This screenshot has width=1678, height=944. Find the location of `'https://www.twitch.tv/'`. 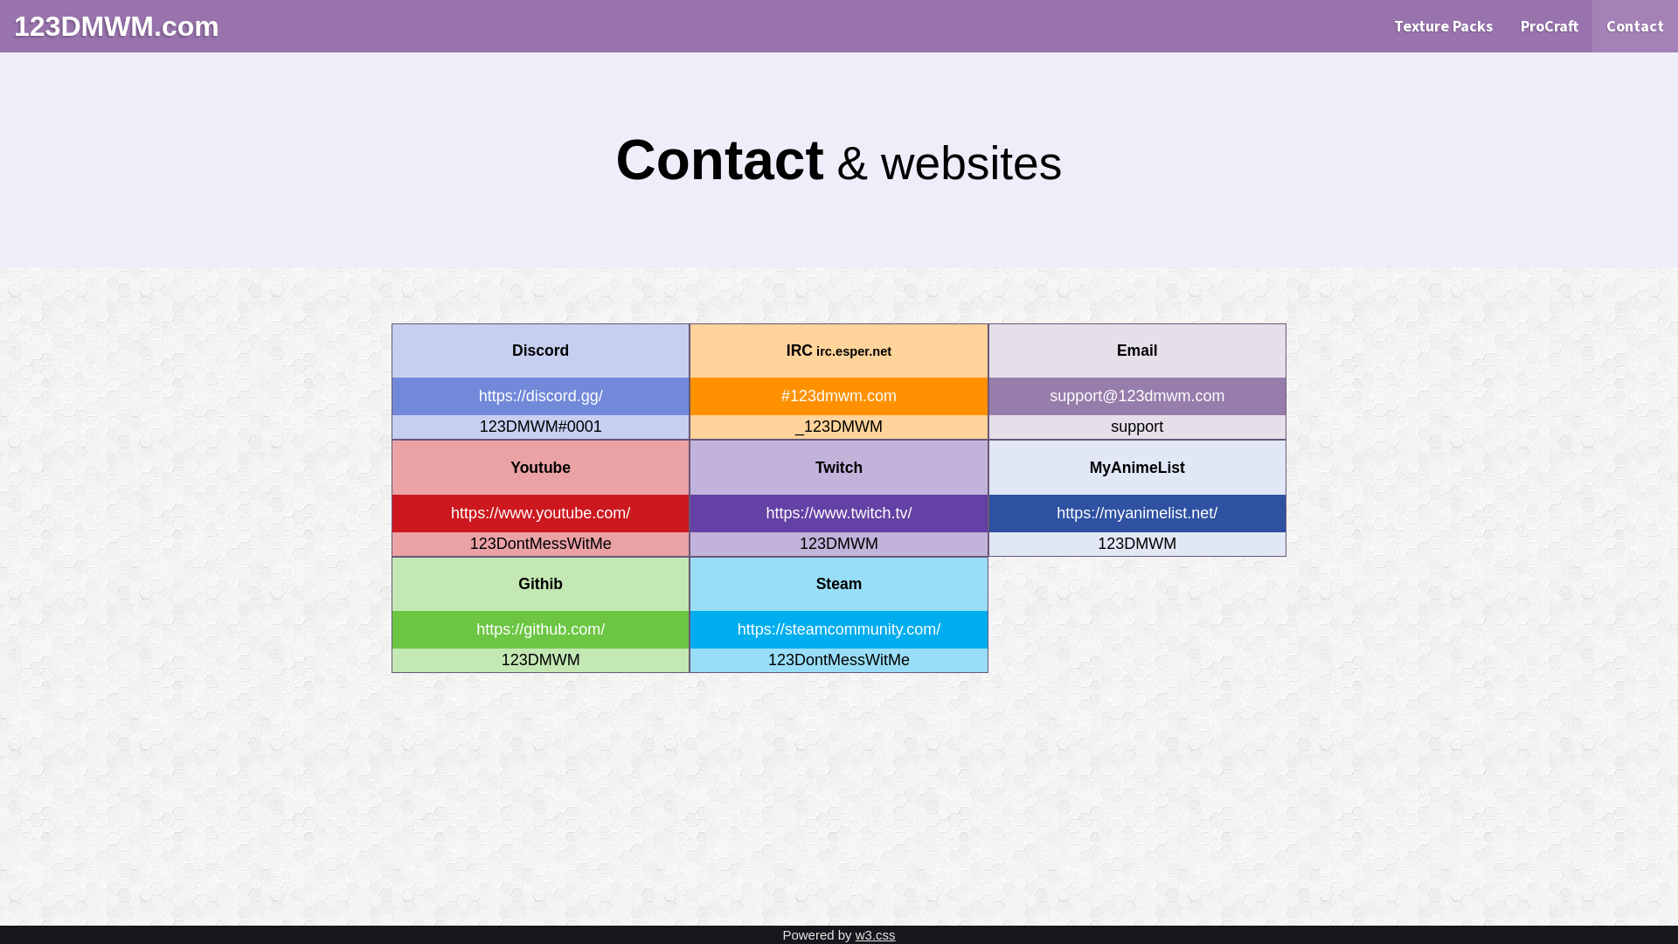

'https://www.twitch.tv/' is located at coordinates (837, 512).